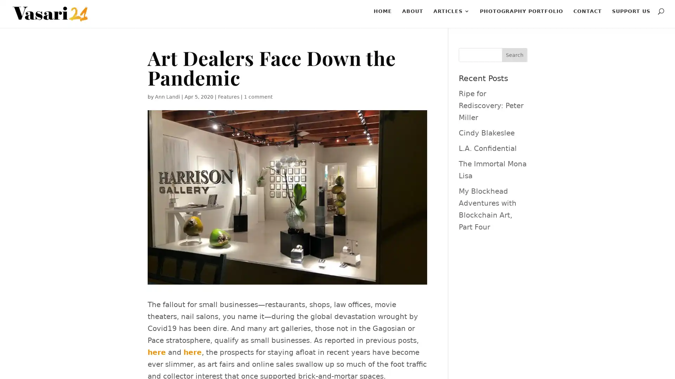  Describe the element at coordinates (514, 55) in the screenshot. I see `Search` at that location.